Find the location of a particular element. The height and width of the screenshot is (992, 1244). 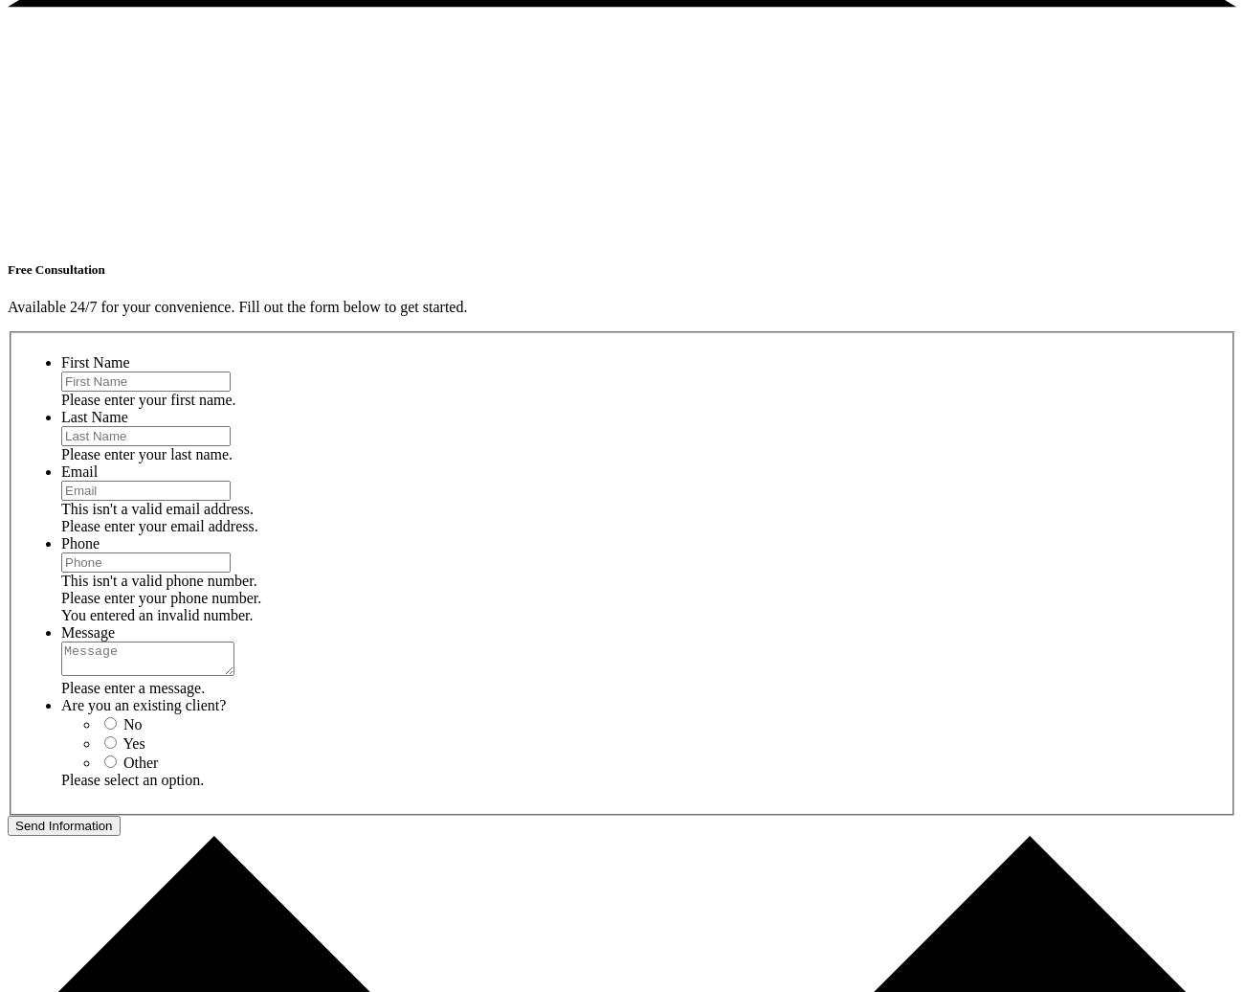

'Other' is located at coordinates (140, 761).